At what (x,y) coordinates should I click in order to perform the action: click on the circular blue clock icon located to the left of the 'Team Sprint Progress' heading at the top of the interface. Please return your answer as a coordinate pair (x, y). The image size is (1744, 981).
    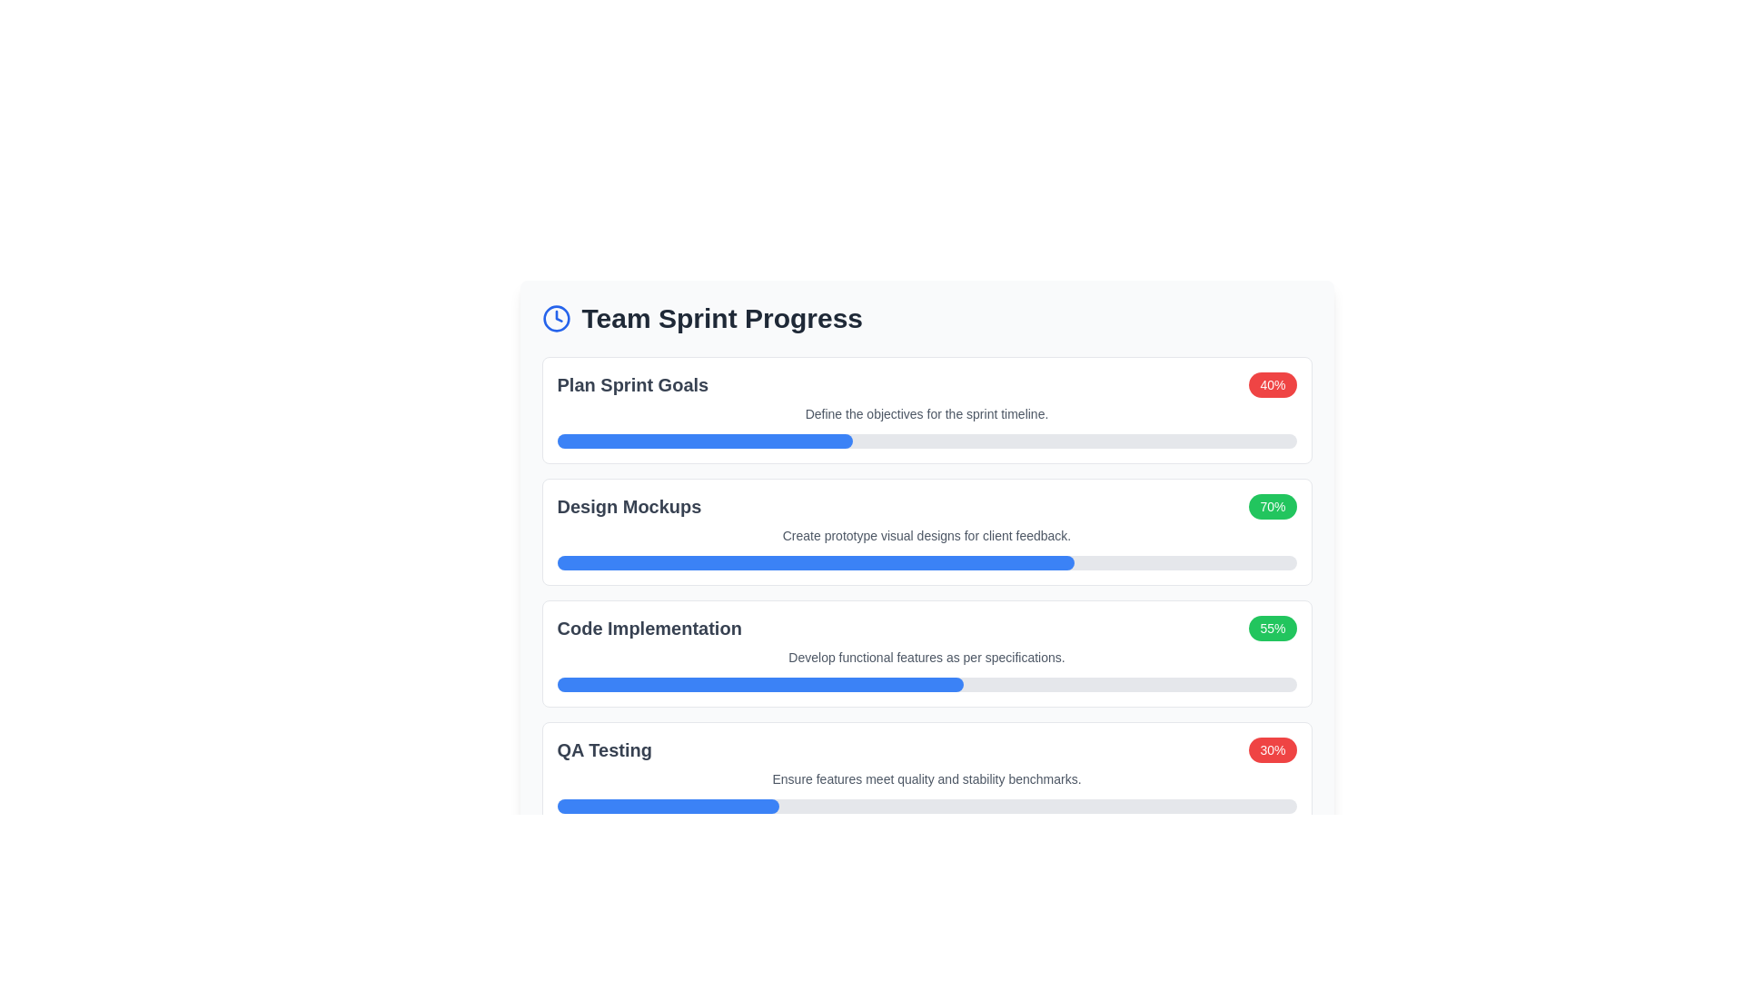
    Looking at the image, I should click on (555, 318).